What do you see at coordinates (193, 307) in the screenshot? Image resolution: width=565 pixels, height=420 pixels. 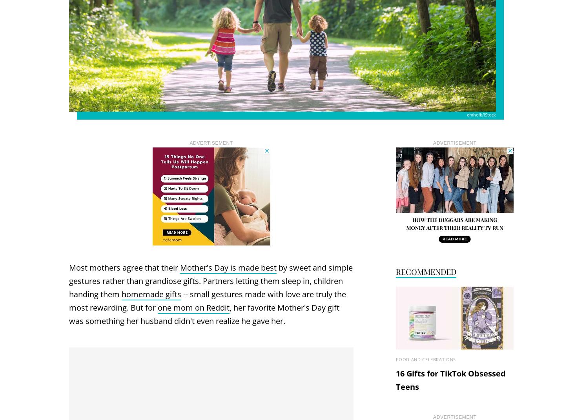 I see `'one mom on Reddit'` at bounding box center [193, 307].